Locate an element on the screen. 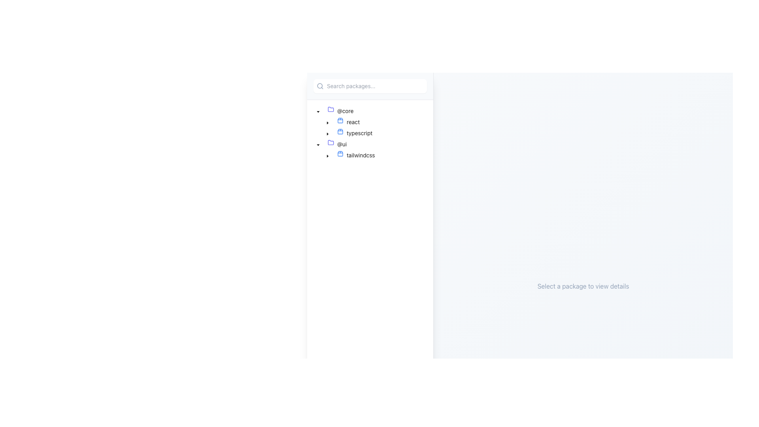  the blue outlined package-like icon located to the left of the 'tailwindcss' label is located at coordinates (340, 154).